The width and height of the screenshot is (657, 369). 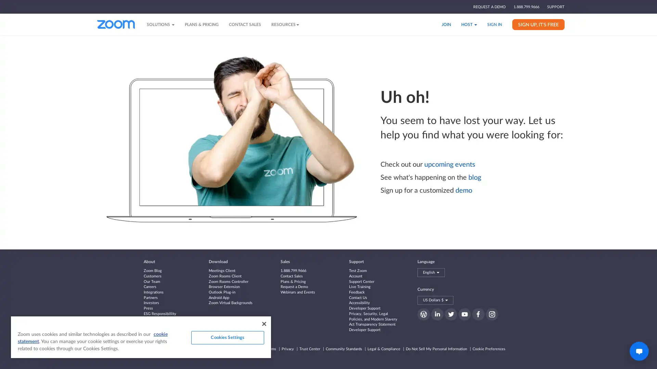 What do you see at coordinates (263, 324) in the screenshot?
I see `Close` at bounding box center [263, 324].